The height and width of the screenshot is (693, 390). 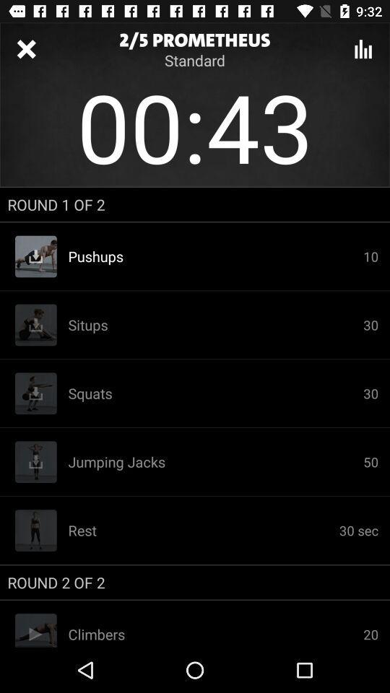 I want to click on icon next to 2/5 prometheus, so click(x=26, y=49).